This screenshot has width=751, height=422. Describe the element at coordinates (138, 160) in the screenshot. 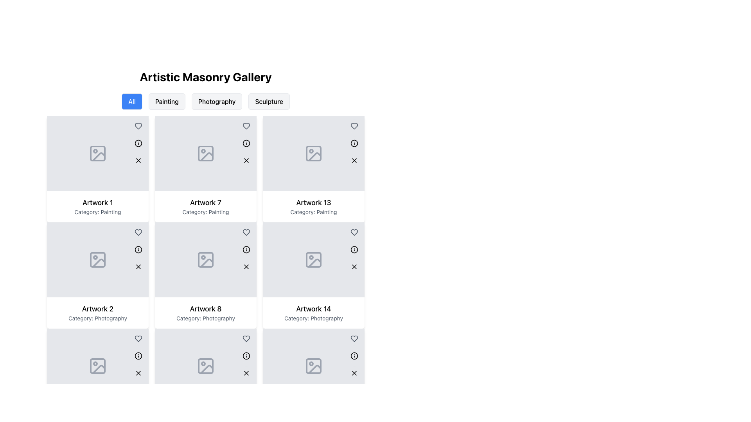

I see `the 'X' icon in the button located at the top-right corner of the 'Artwork 1' card` at that location.